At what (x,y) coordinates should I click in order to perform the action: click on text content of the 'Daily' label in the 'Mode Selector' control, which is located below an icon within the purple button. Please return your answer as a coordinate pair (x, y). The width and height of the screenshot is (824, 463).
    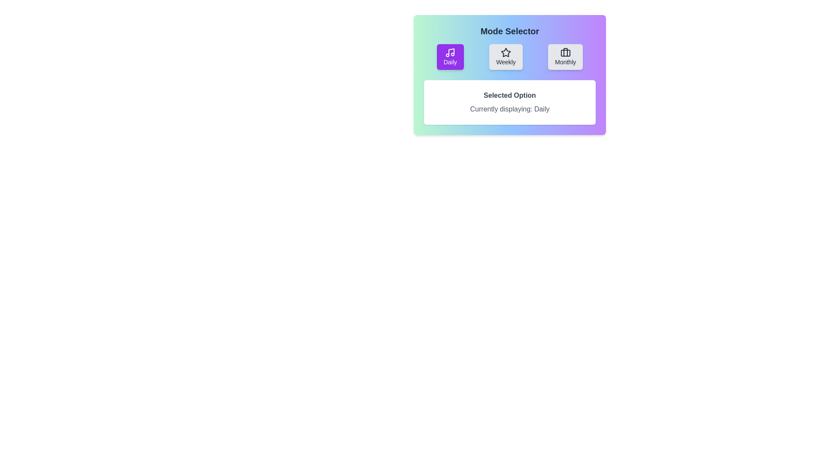
    Looking at the image, I should click on (450, 62).